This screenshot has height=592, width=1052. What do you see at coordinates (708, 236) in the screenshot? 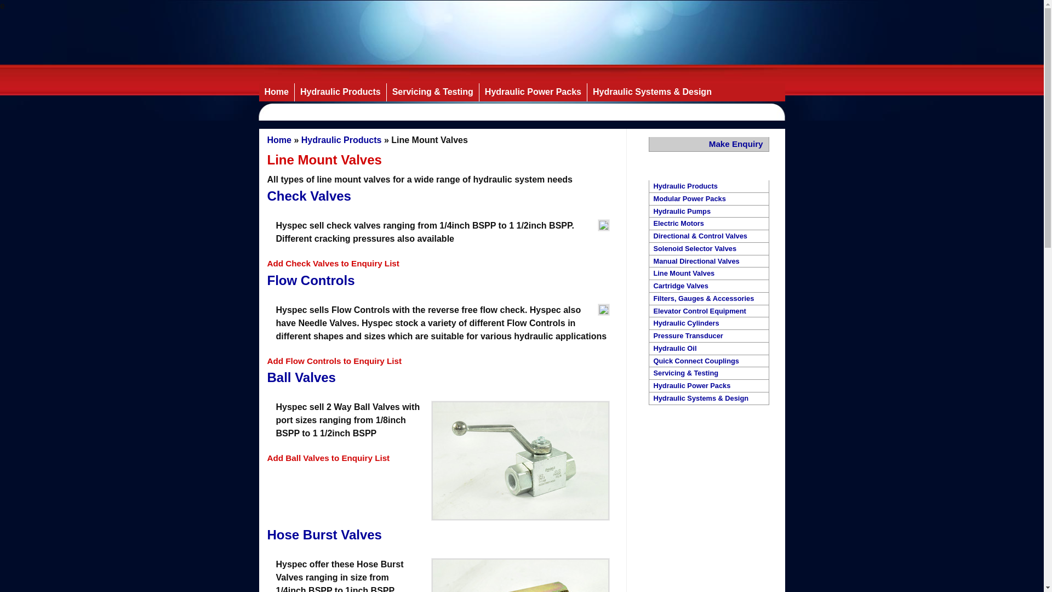
I see `'Directional & Control Valves'` at bounding box center [708, 236].